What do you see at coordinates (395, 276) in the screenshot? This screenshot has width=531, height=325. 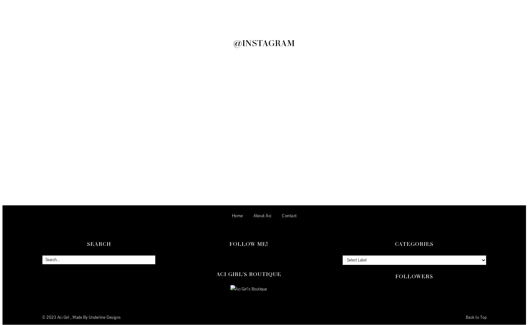 I see `'Followers'` at bounding box center [395, 276].